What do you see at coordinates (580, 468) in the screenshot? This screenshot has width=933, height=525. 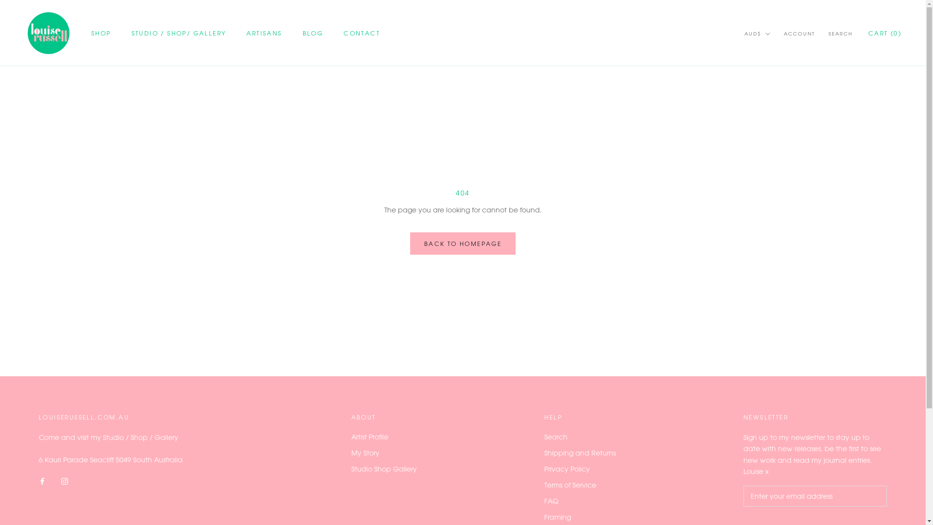 I see `'Privacy Policy'` at bounding box center [580, 468].